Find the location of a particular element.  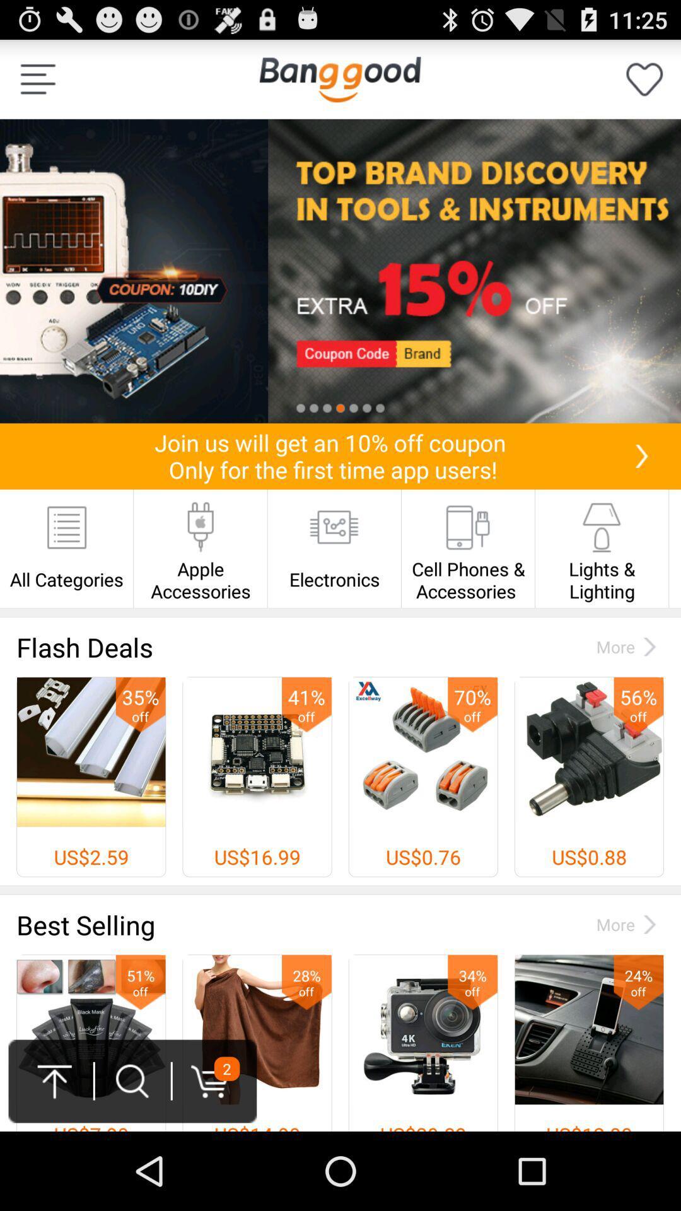

the upward arrow at the bottom left of the page is located at coordinates (54, 1080).